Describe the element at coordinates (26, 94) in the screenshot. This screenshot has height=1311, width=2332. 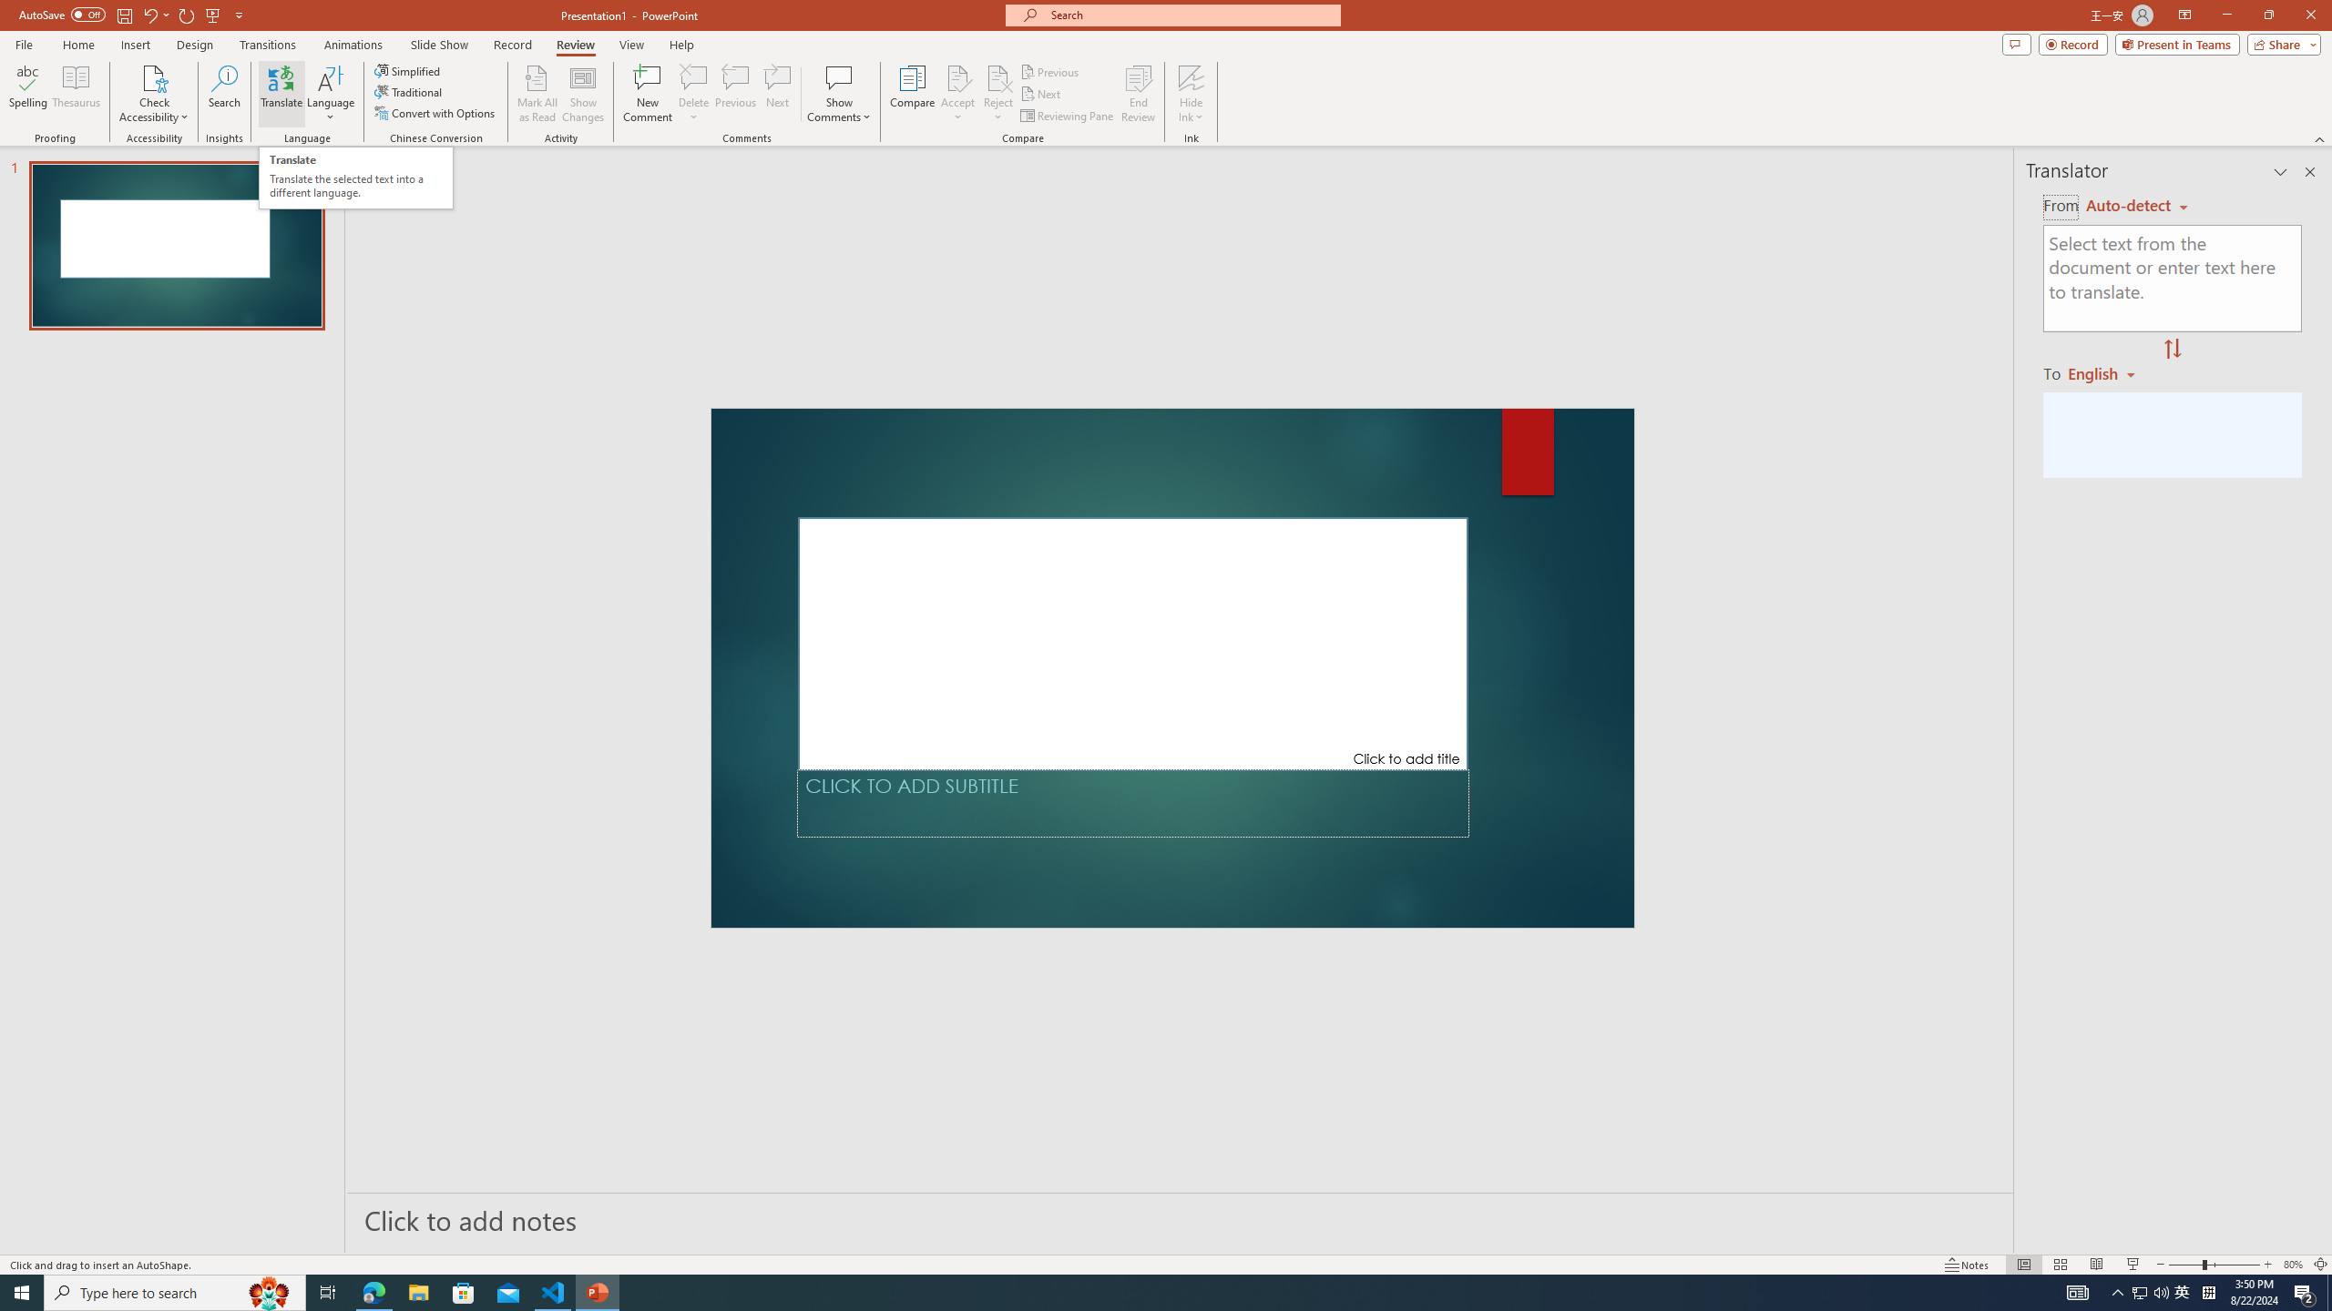
I see `'Spelling...'` at that location.